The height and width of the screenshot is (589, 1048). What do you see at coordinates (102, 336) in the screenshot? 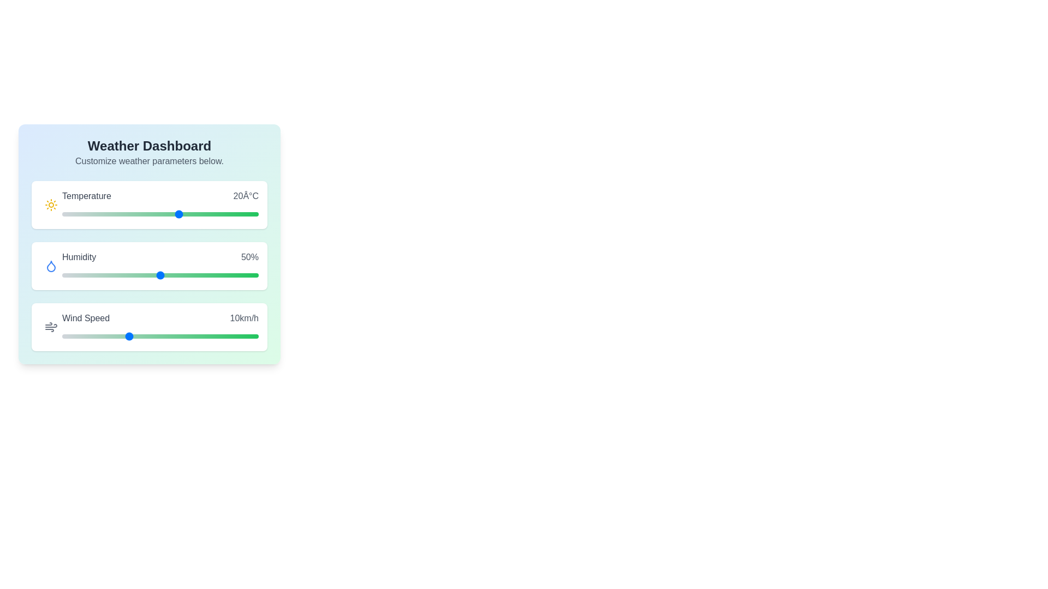
I see `the wind speed slider to 6 km/h` at bounding box center [102, 336].